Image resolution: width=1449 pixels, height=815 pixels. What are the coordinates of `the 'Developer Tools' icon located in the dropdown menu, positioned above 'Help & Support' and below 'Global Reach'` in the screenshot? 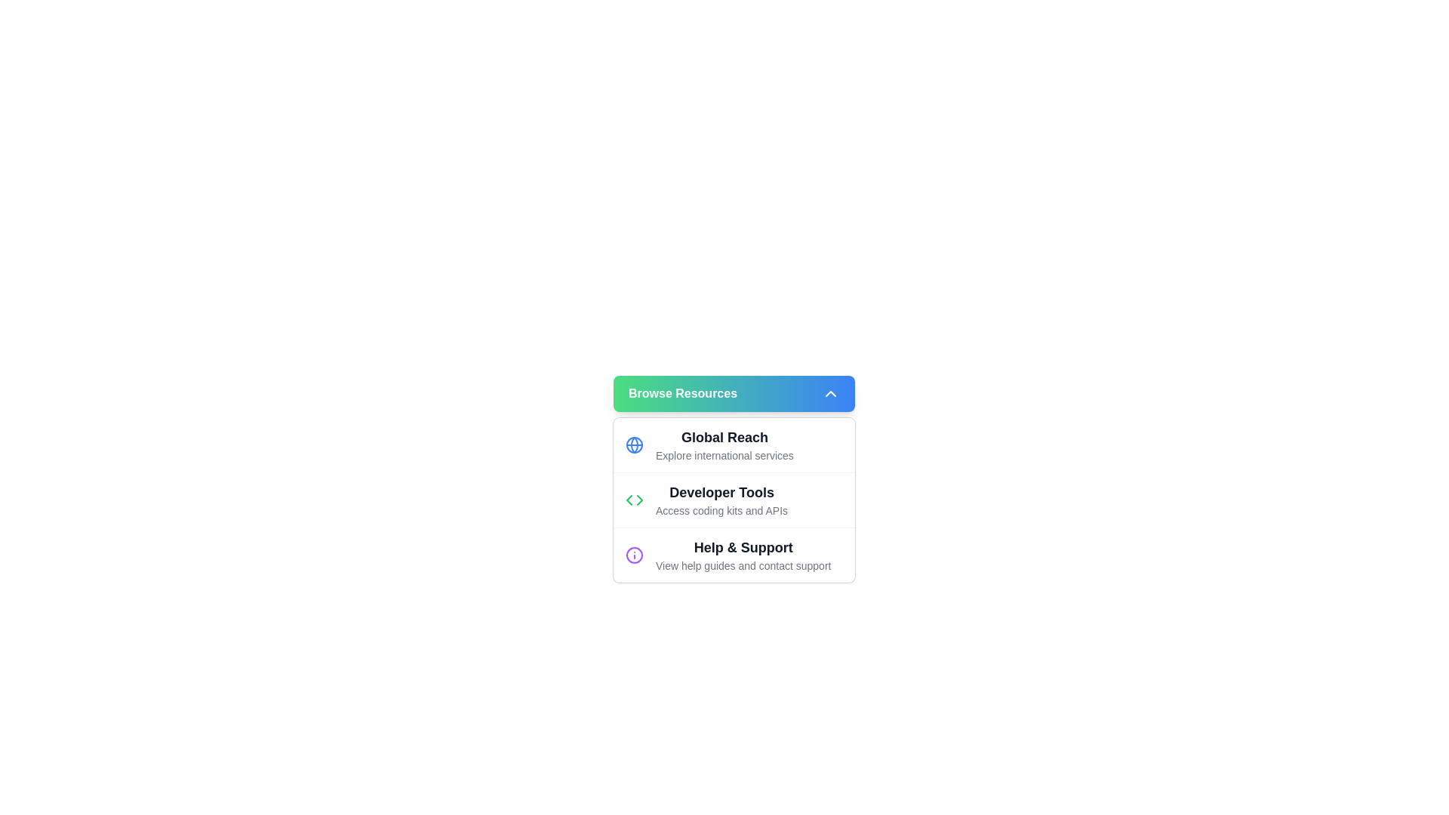 It's located at (634, 500).